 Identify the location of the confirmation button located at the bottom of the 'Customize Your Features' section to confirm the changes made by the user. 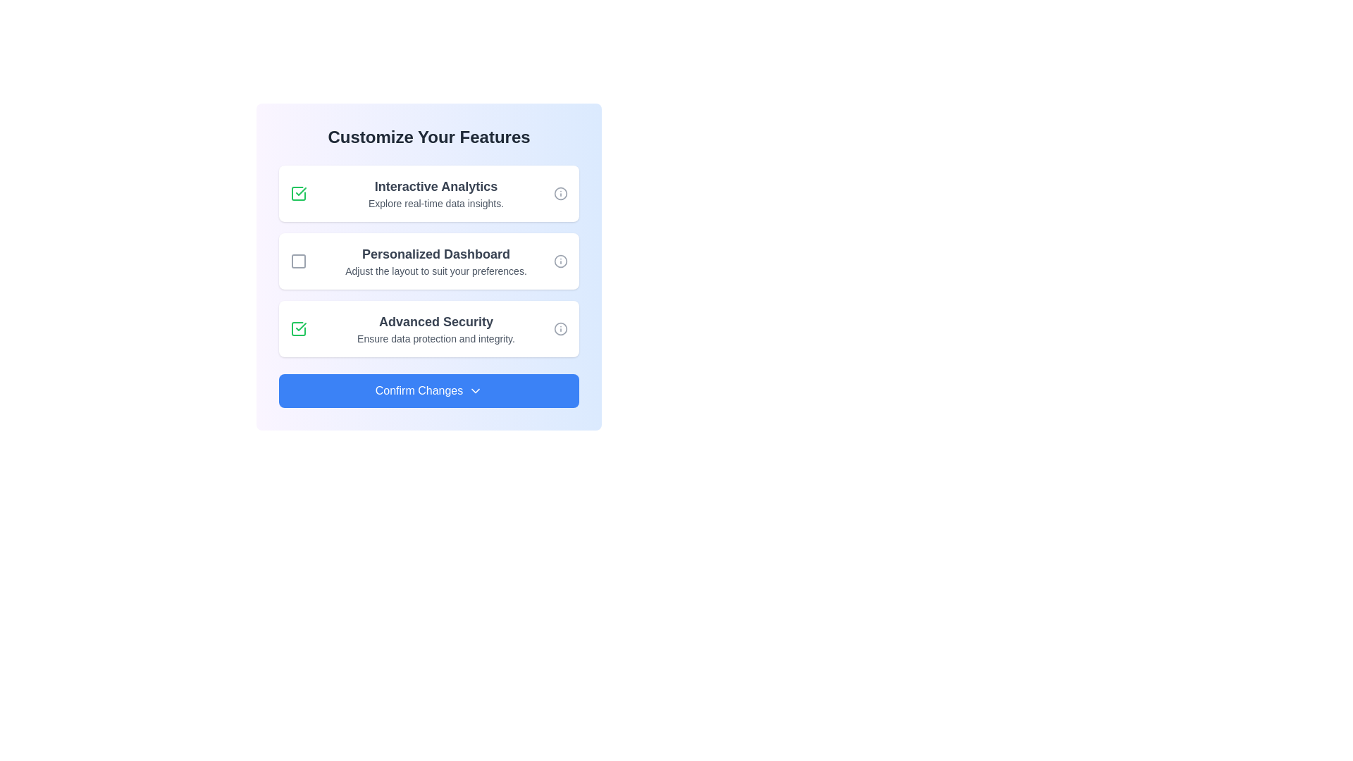
(428, 391).